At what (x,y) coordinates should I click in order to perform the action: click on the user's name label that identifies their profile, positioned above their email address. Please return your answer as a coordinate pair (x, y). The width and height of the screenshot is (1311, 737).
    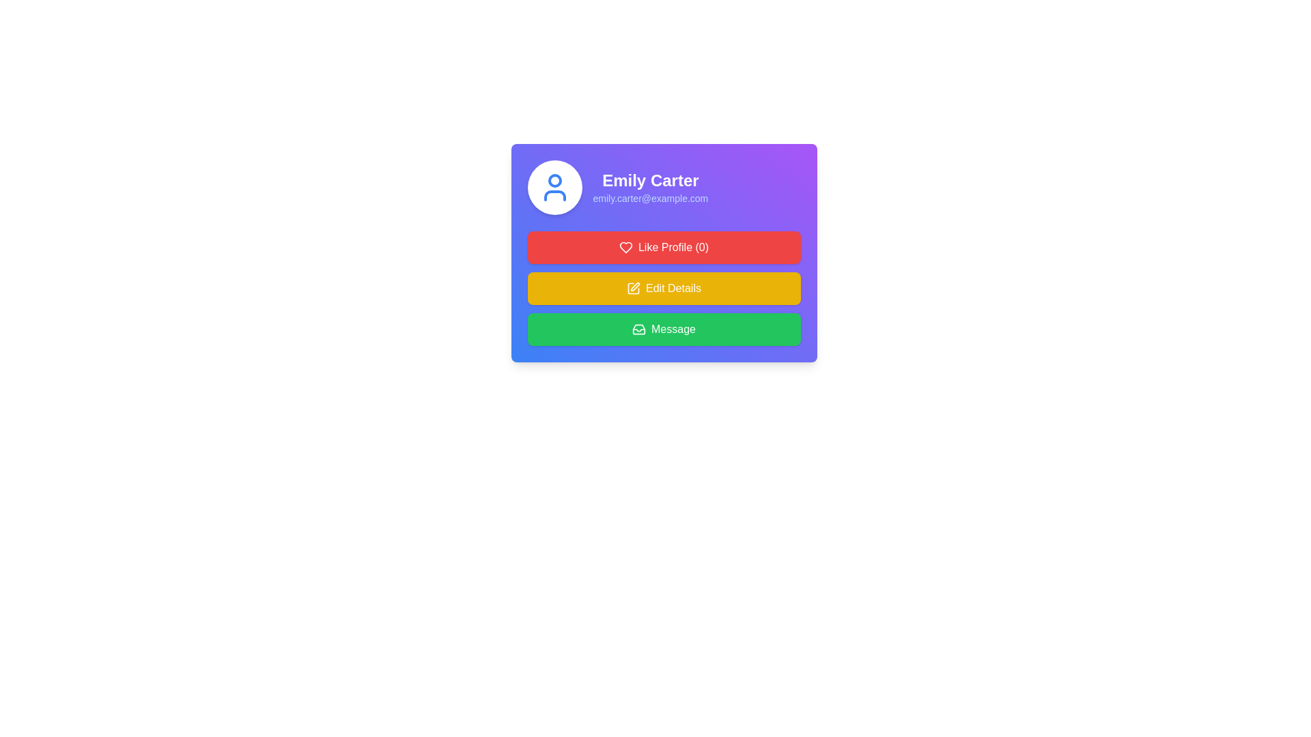
    Looking at the image, I should click on (649, 180).